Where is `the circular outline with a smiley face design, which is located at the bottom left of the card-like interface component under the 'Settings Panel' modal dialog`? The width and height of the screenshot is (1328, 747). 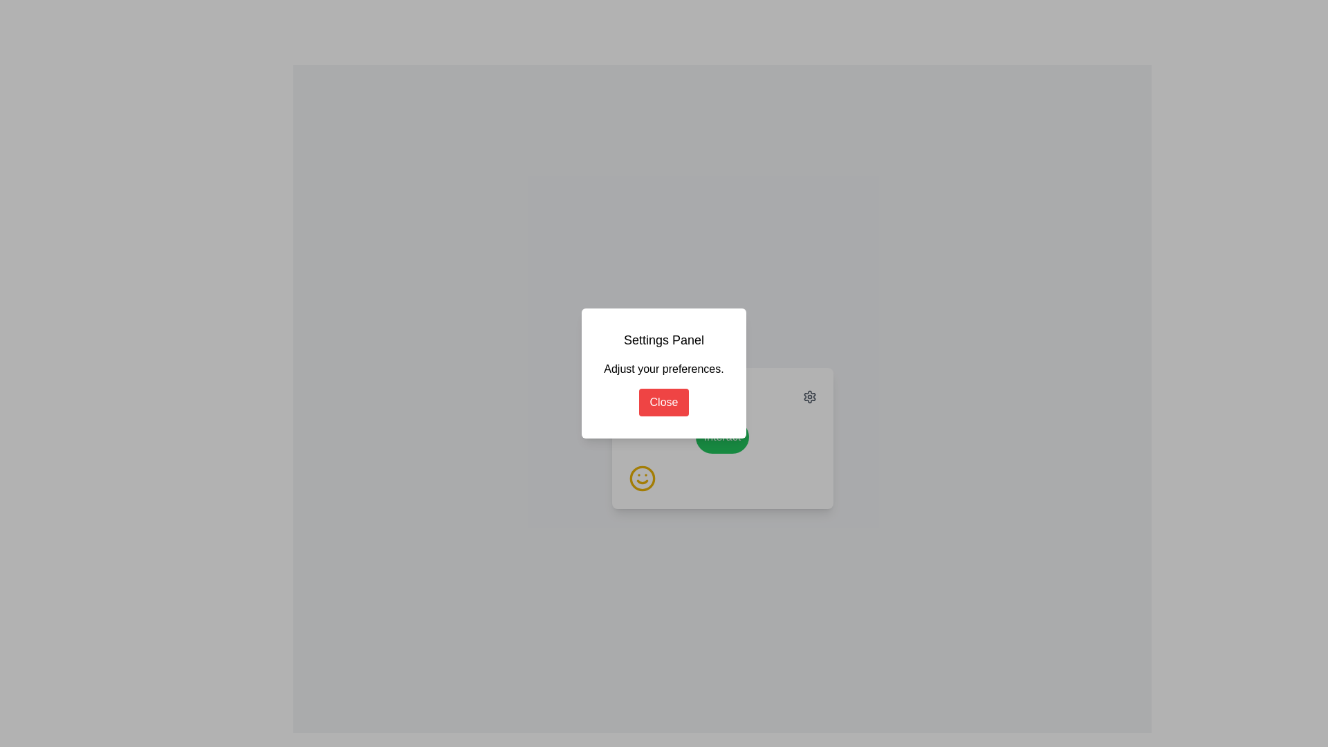
the circular outline with a smiley face design, which is located at the bottom left of the card-like interface component under the 'Settings Panel' modal dialog is located at coordinates (641, 477).